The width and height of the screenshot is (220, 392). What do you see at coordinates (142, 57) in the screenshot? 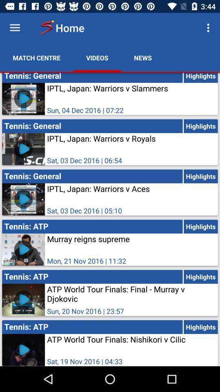
I see `news icon` at bounding box center [142, 57].